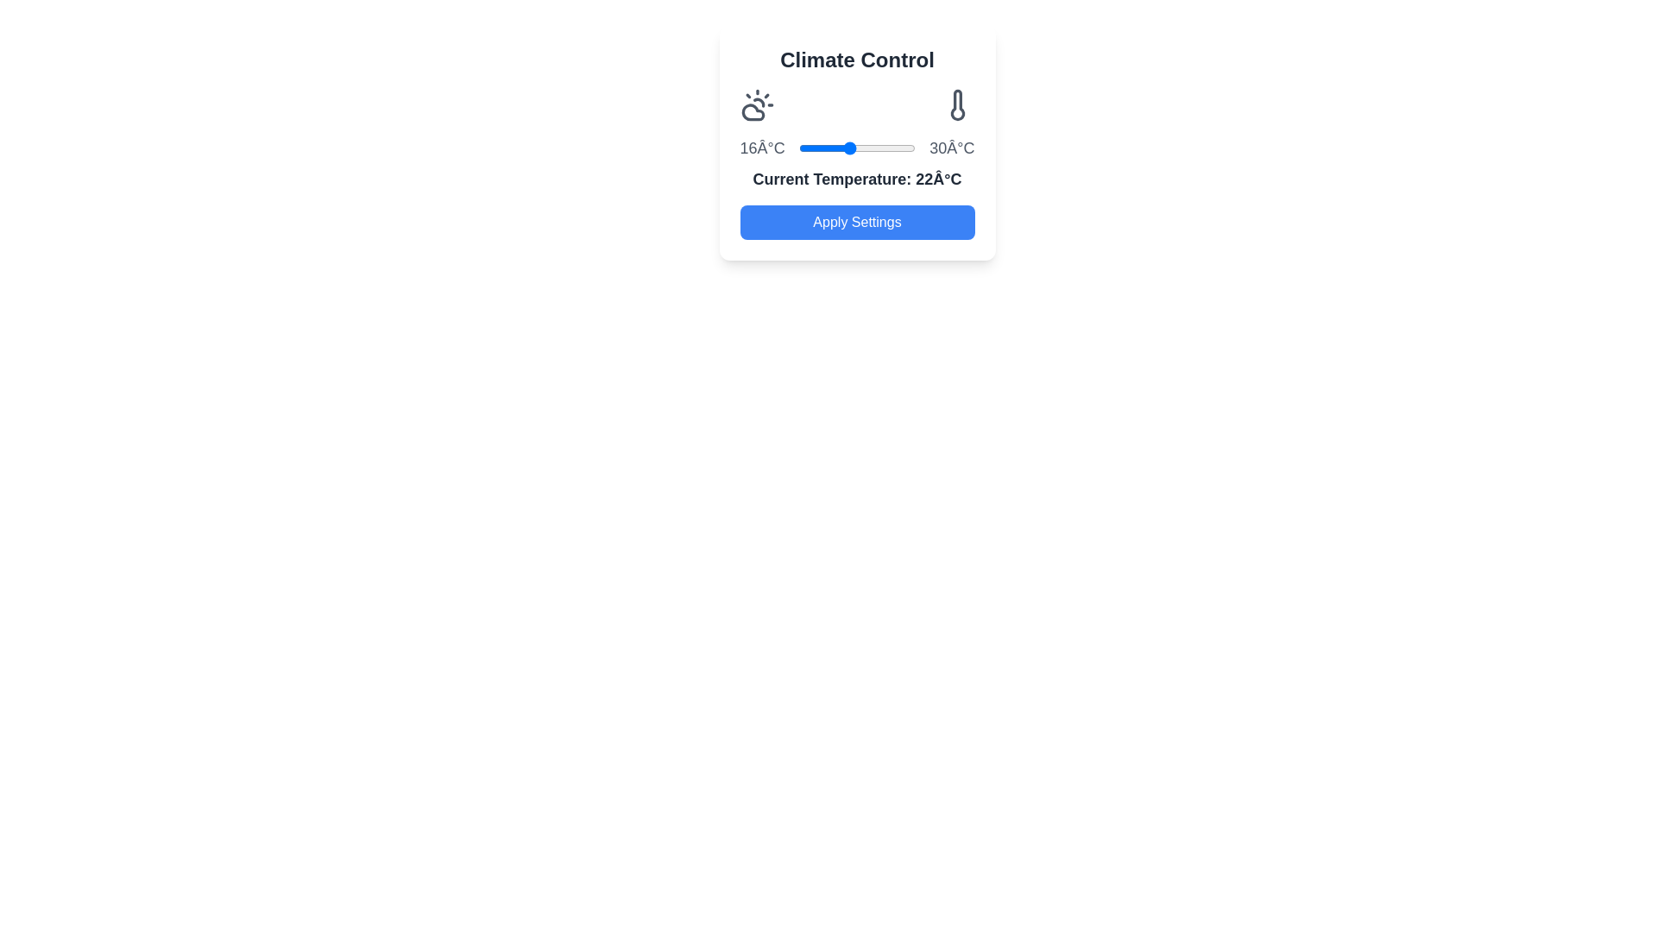  What do you see at coordinates (873, 148) in the screenshot?
I see `the temperature` at bounding box center [873, 148].